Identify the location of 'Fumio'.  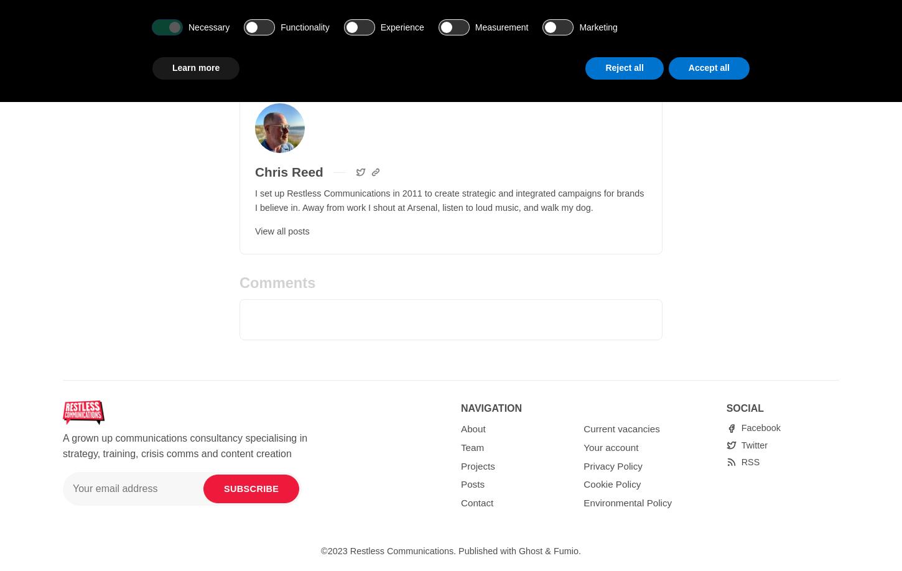
(565, 550).